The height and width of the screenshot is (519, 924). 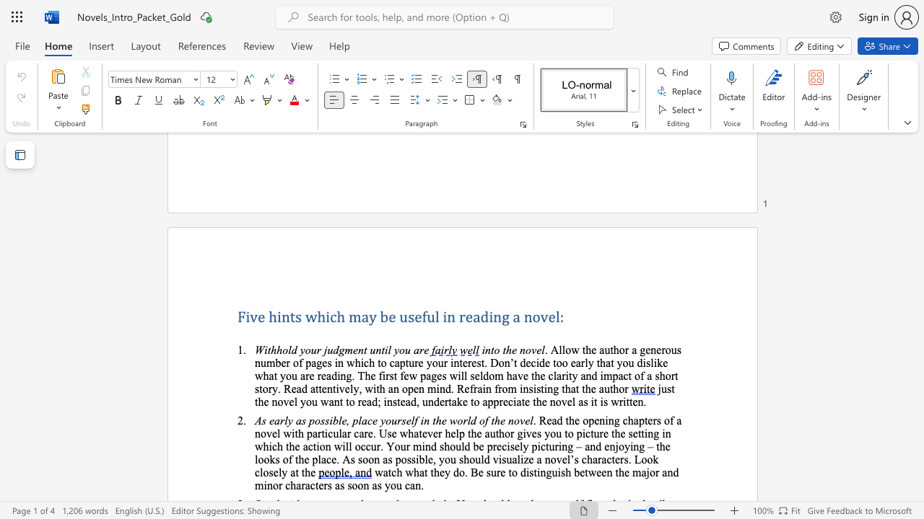 What do you see at coordinates (269, 420) in the screenshot?
I see `the subset text "early as possible, pla" within the text "As early as possible, place yourself in the world of the novel"` at bounding box center [269, 420].